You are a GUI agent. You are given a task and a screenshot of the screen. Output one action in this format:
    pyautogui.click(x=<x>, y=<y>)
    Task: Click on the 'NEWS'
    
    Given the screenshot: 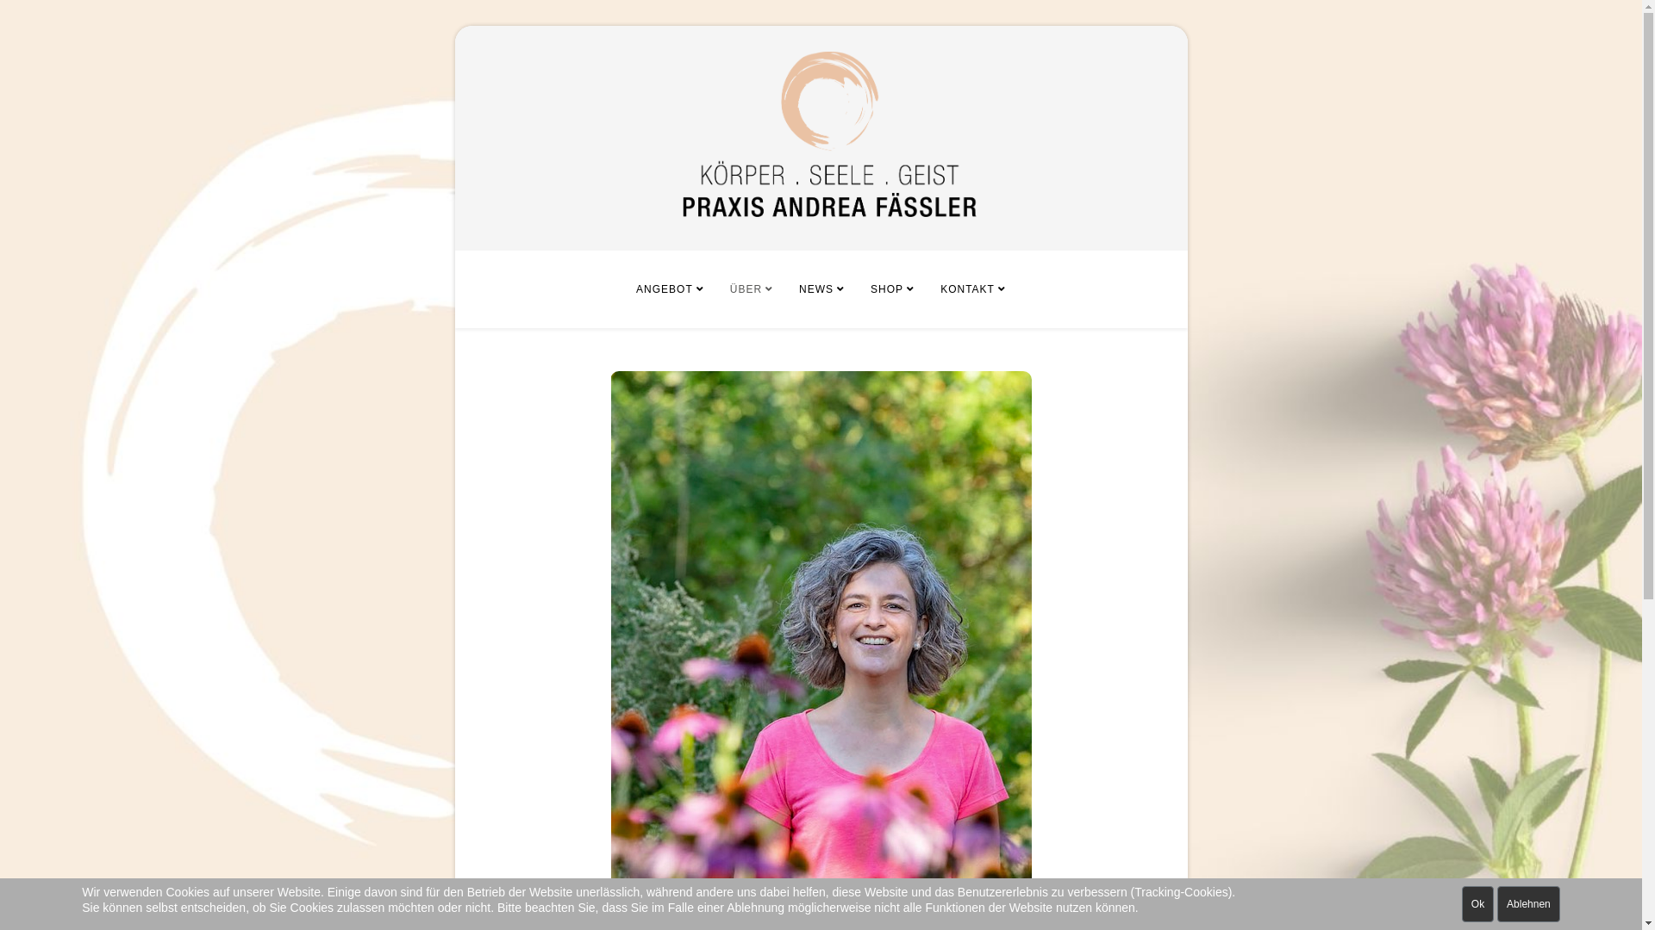 What is the action you would take?
    pyautogui.click(x=821, y=288)
    